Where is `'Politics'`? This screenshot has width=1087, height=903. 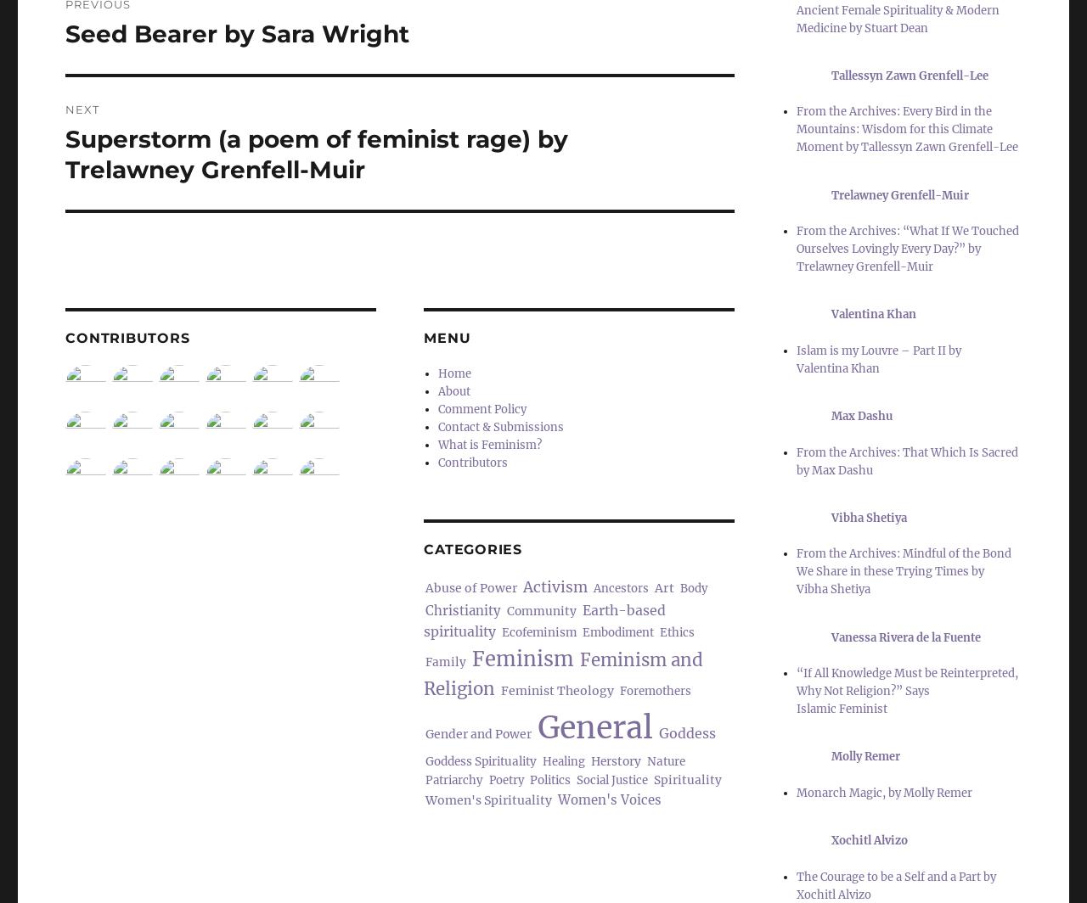
'Politics' is located at coordinates (549, 779).